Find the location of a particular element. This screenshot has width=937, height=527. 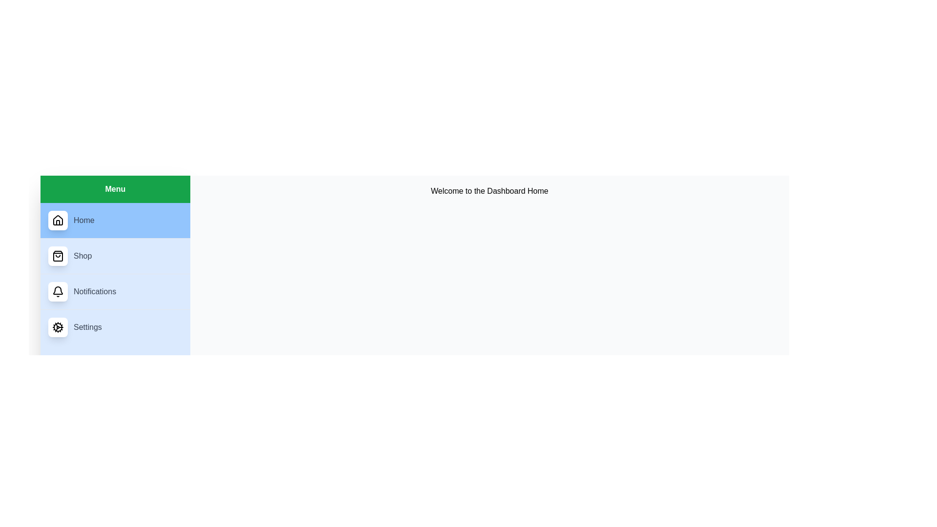

the menu item Home to observe its hover effect is located at coordinates (115, 220).